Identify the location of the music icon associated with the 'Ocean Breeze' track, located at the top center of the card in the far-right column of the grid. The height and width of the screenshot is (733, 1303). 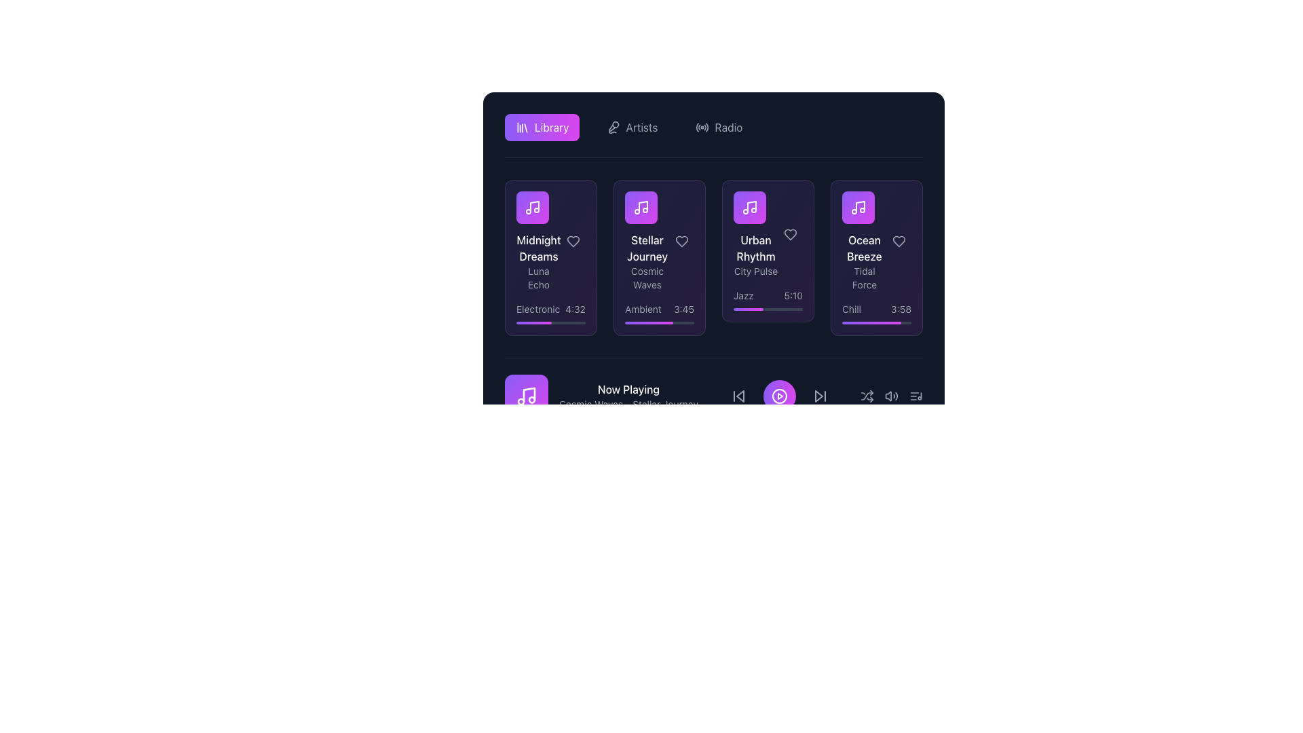
(858, 207).